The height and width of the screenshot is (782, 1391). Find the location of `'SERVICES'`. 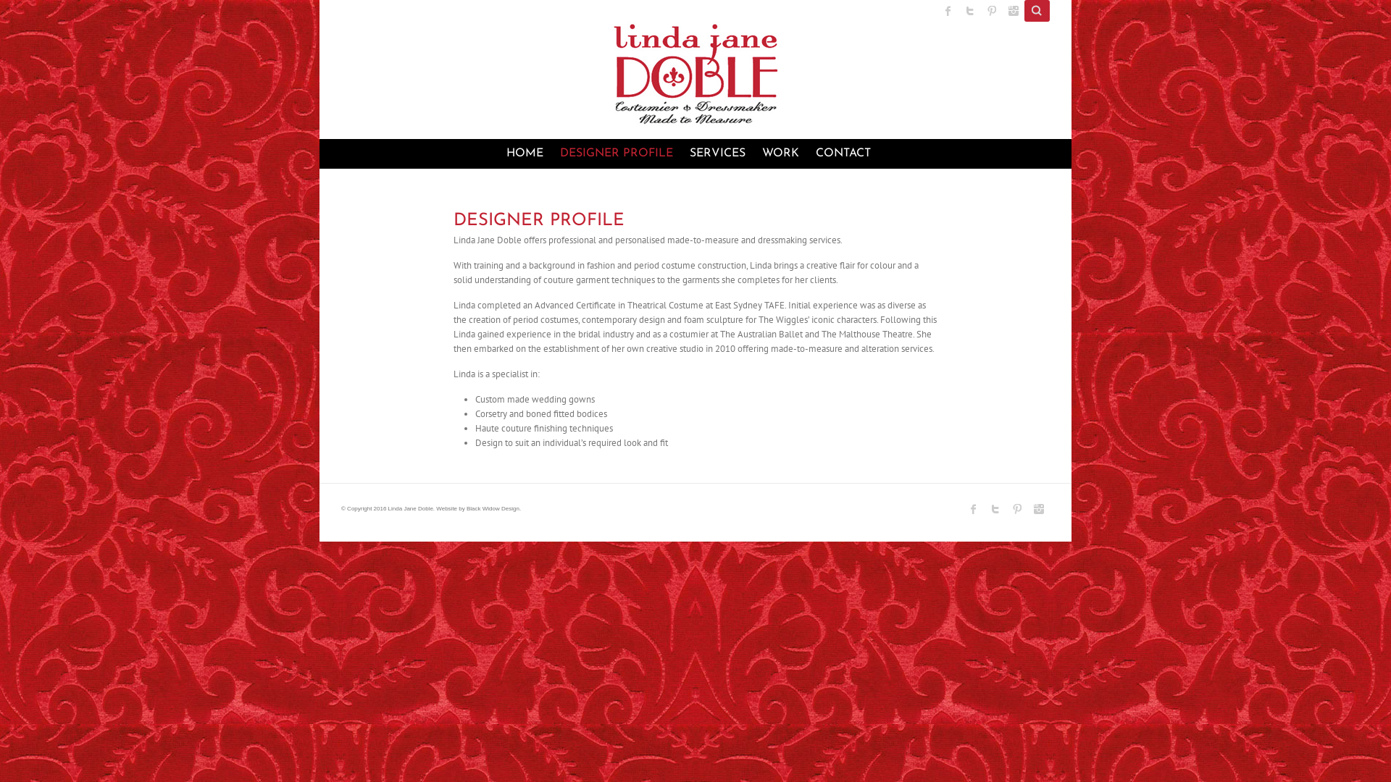

'SERVICES' is located at coordinates (717, 151).